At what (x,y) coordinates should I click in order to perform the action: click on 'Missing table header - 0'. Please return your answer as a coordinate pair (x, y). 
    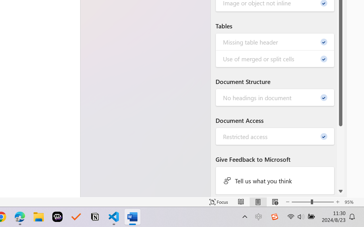
    Looking at the image, I should click on (275, 42).